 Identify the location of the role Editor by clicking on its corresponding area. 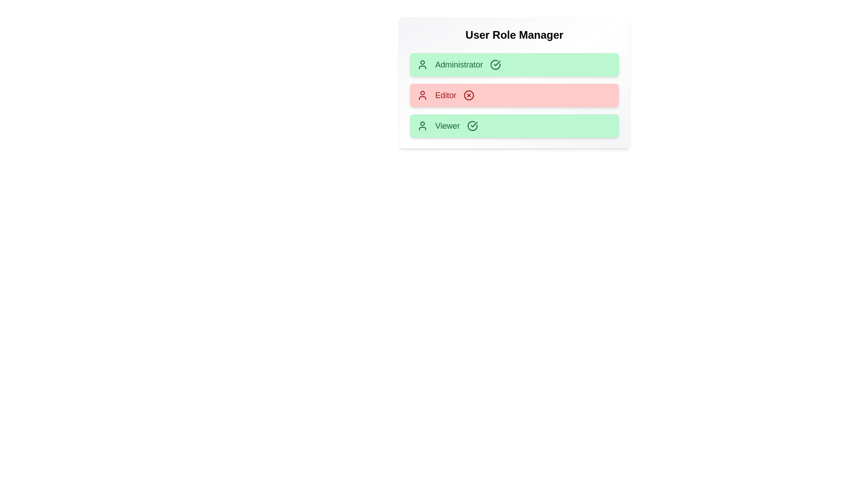
(514, 95).